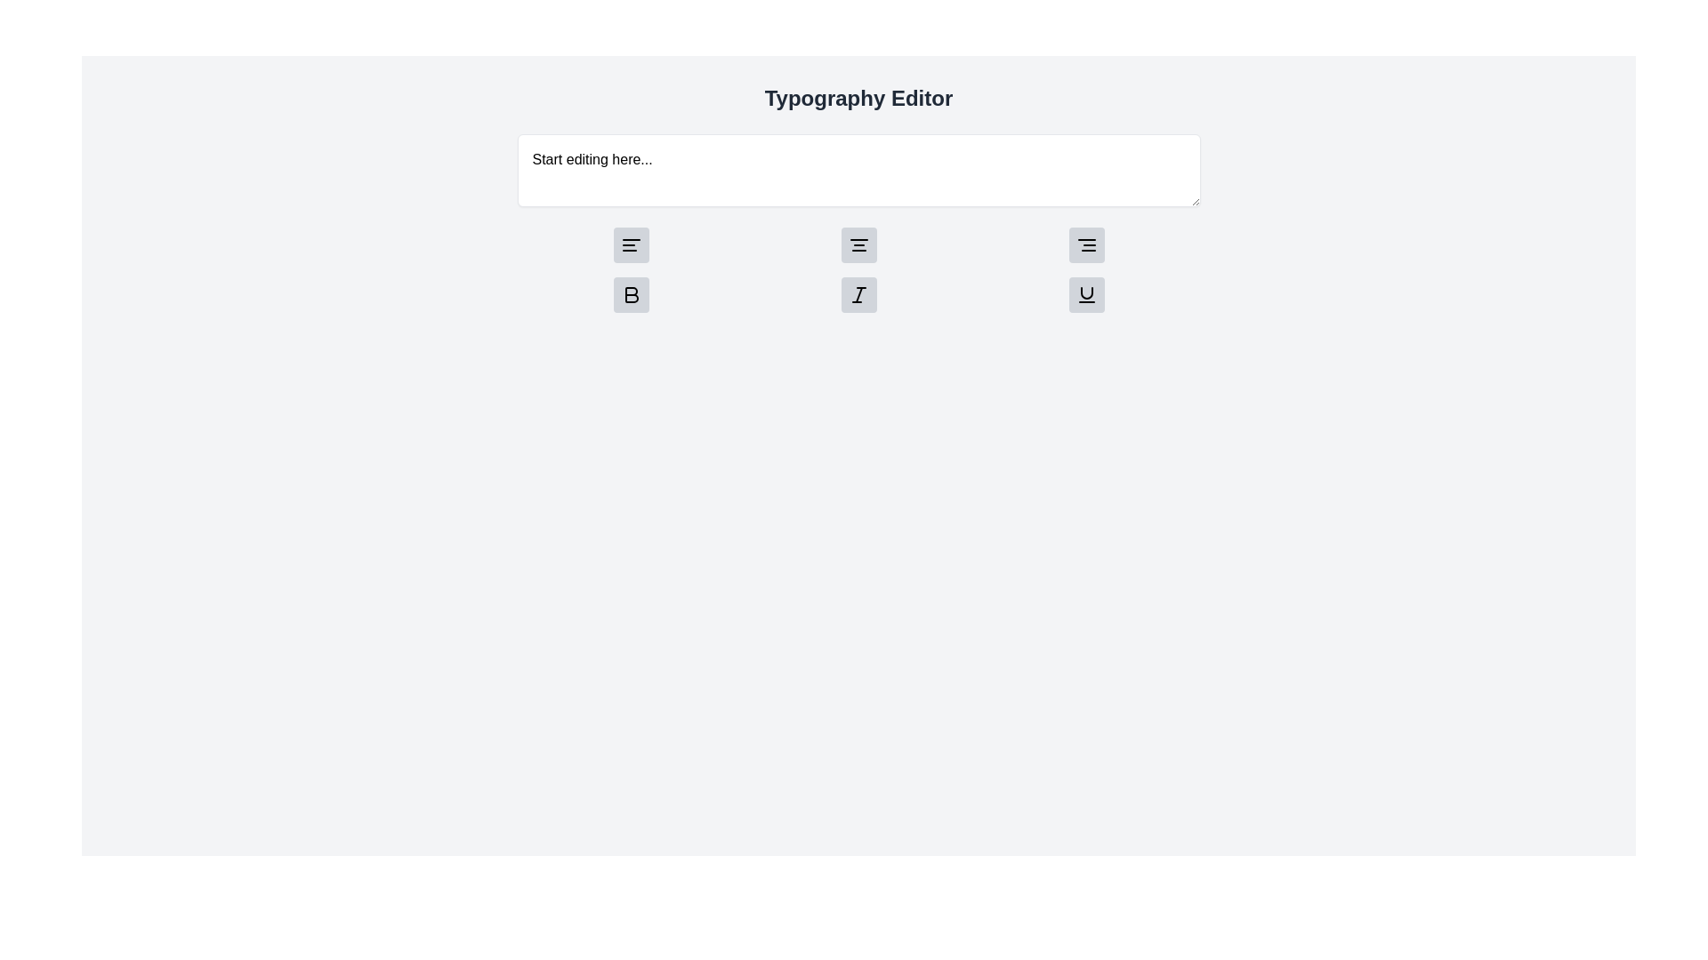 This screenshot has height=960, width=1708. I want to click on the second interactive button with a gray background and a bold 'B' icon, so click(631, 293).